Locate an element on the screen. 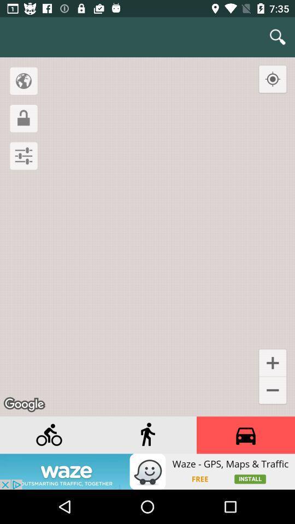 This screenshot has height=524, width=295. the globe icon is located at coordinates (23, 80).